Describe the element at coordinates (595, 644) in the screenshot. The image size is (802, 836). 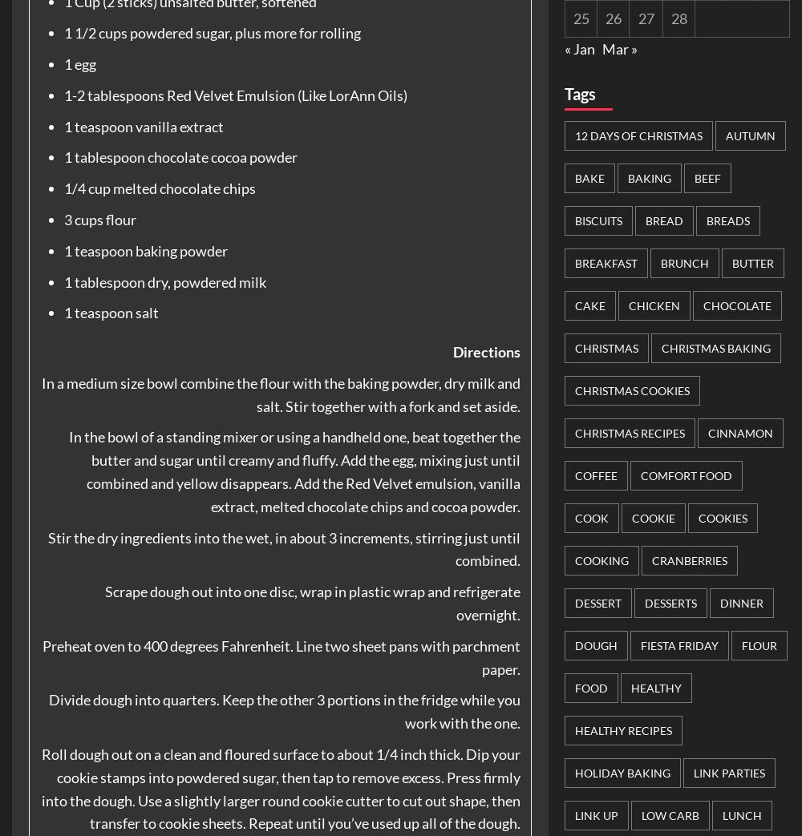
I see `'Dough'` at that location.